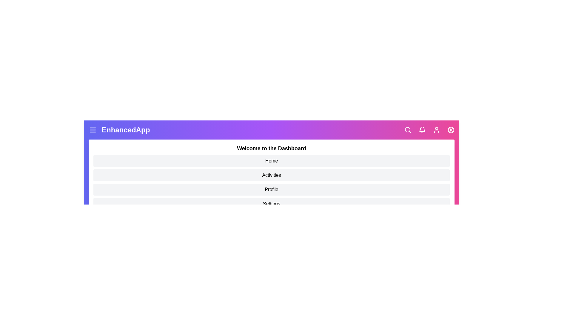 The width and height of the screenshot is (573, 322). What do you see at coordinates (271, 190) in the screenshot?
I see `the dashboard item labeled Profile` at bounding box center [271, 190].